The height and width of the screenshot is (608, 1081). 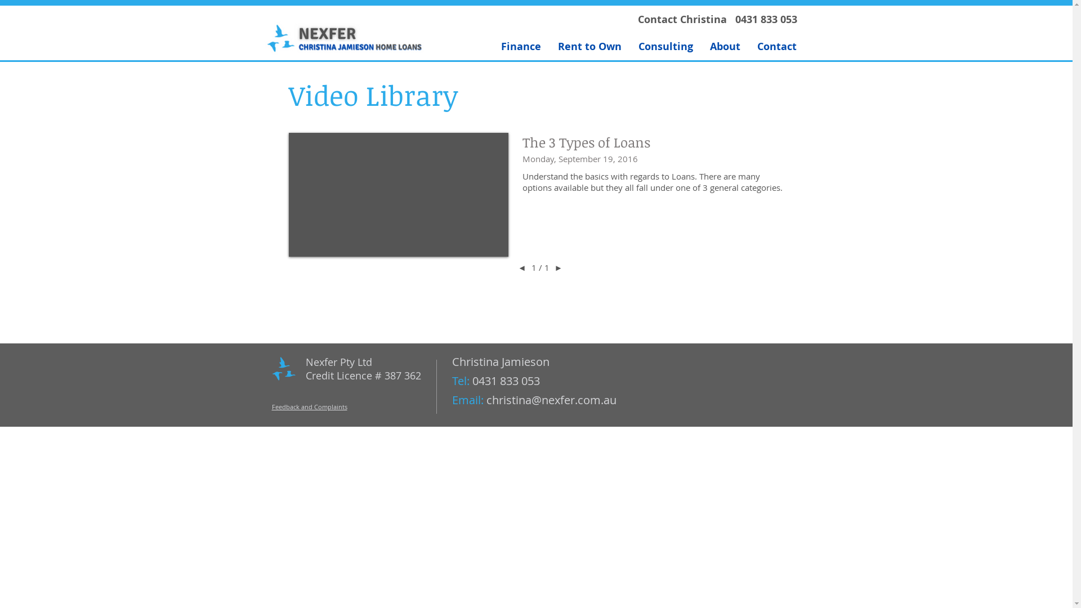 What do you see at coordinates (520, 46) in the screenshot?
I see `'Finance'` at bounding box center [520, 46].